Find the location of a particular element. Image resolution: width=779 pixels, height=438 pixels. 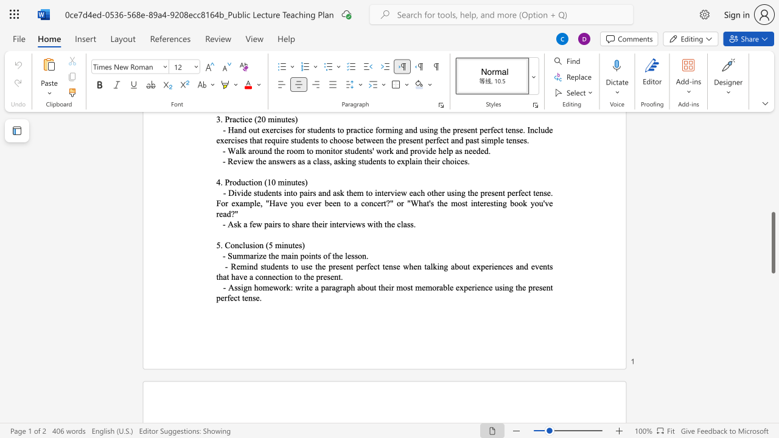

the scrollbar to scroll the page up is located at coordinates (772, 151).